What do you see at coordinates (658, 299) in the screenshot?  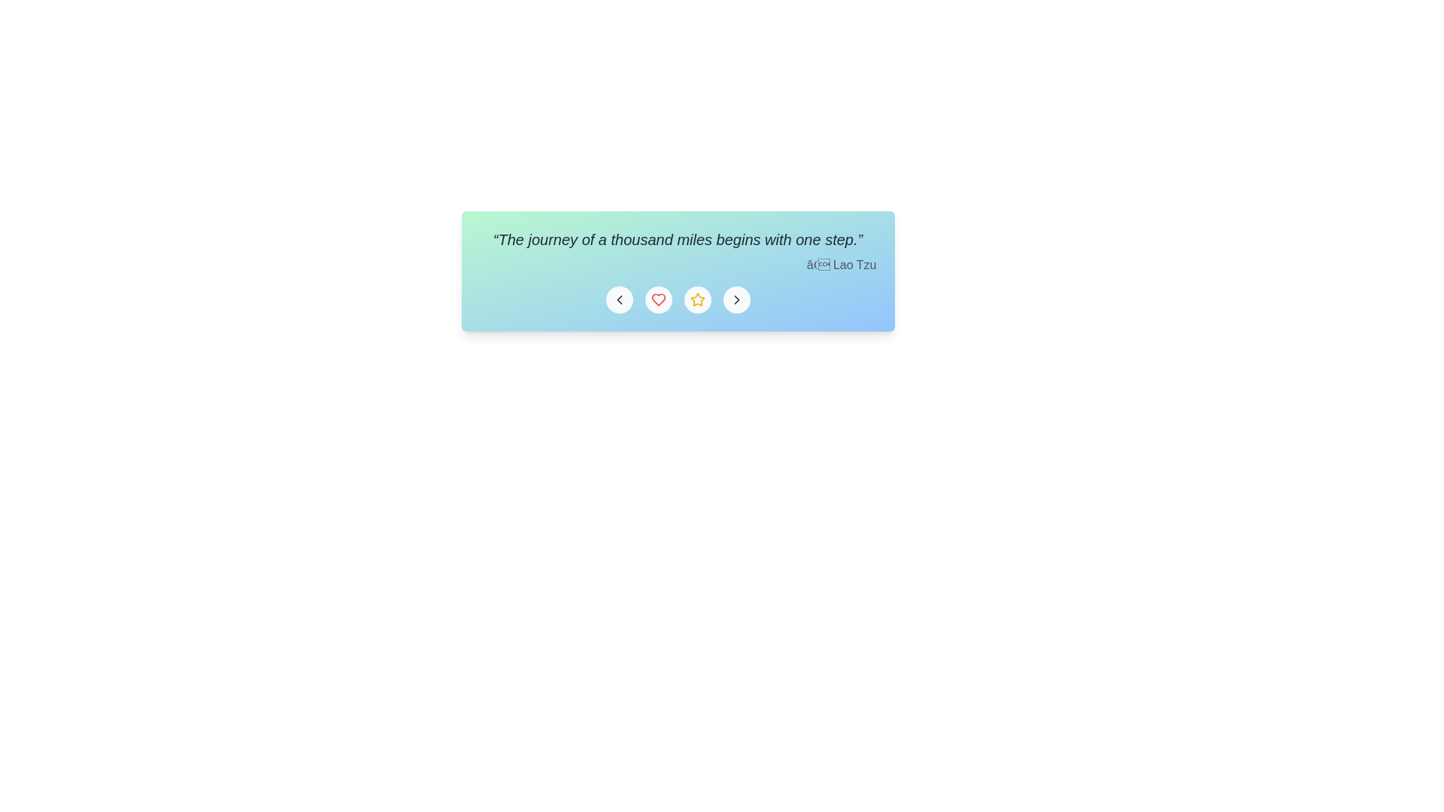 I see `the 'like' or 'favorite' icon located in the center row of icons under a quote, which is the second icon between the left arrow and star icons` at bounding box center [658, 299].